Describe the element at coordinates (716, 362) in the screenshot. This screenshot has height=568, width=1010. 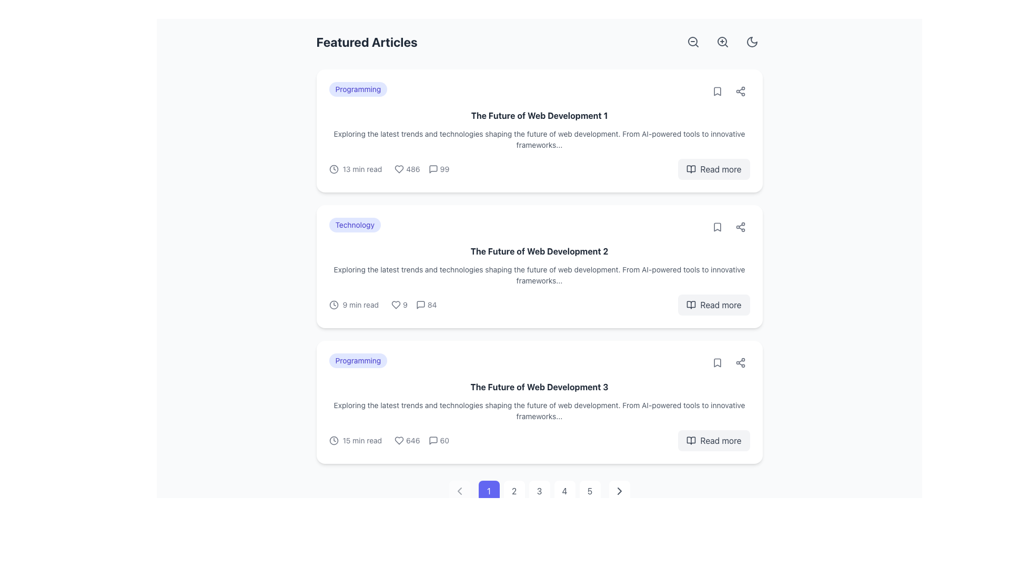
I see `the bookmark icon located at the top-right corner of the article card` at that location.